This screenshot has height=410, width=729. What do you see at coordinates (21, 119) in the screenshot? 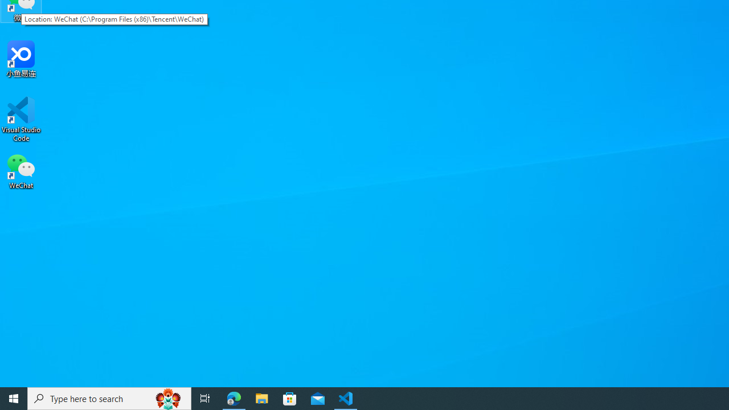
I see `'Visual Studio Code'` at bounding box center [21, 119].